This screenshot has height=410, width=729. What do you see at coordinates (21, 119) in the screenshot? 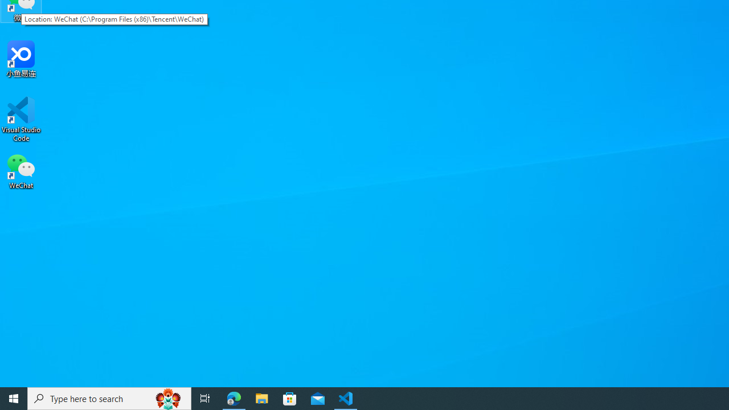
I see `'Visual Studio Code'` at bounding box center [21, 119].